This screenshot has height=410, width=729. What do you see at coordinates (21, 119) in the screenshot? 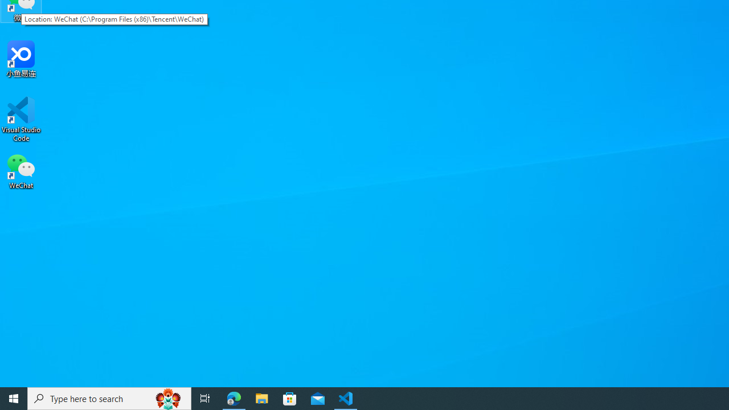
I see `'Visual Studio Code'` at bounding box center [21, 119].